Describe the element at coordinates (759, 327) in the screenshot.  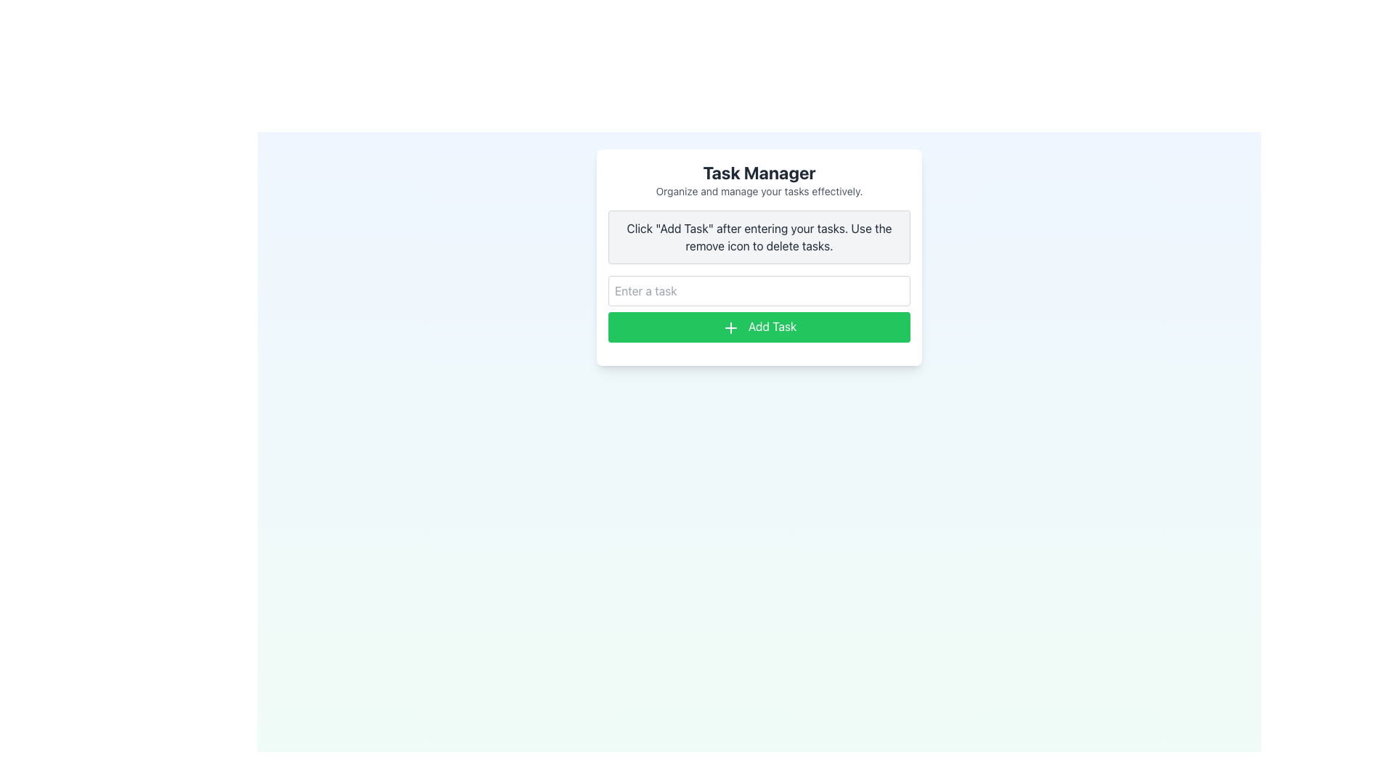
I see `the button to add a new task, located directly below the 'Enter a task' input field` at that location.